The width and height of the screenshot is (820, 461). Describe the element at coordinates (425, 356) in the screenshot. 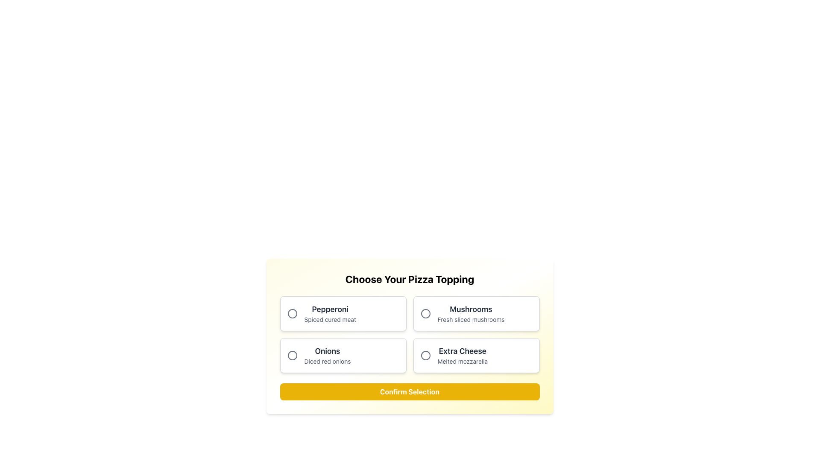

I see `the radio button for the 'Extra Cheese' option located in the bottom-right quadrant of the selection dialog` at that location.